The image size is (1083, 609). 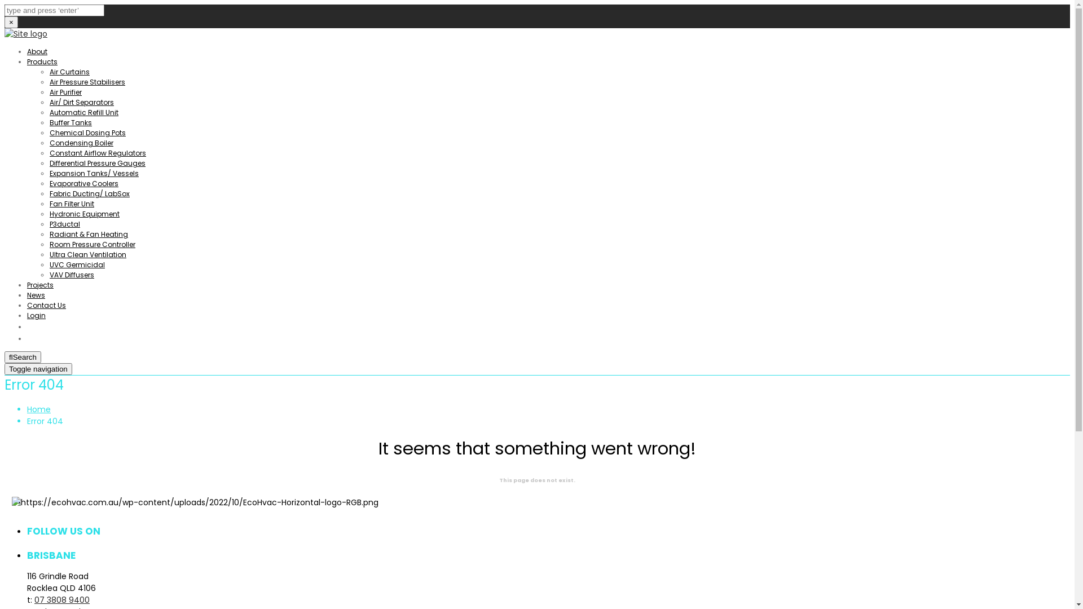 What do you see at coordinates (87, 132) in the screenshot?
I see `'Chemical Dosing Pots'` at bounding box center [87, 132].